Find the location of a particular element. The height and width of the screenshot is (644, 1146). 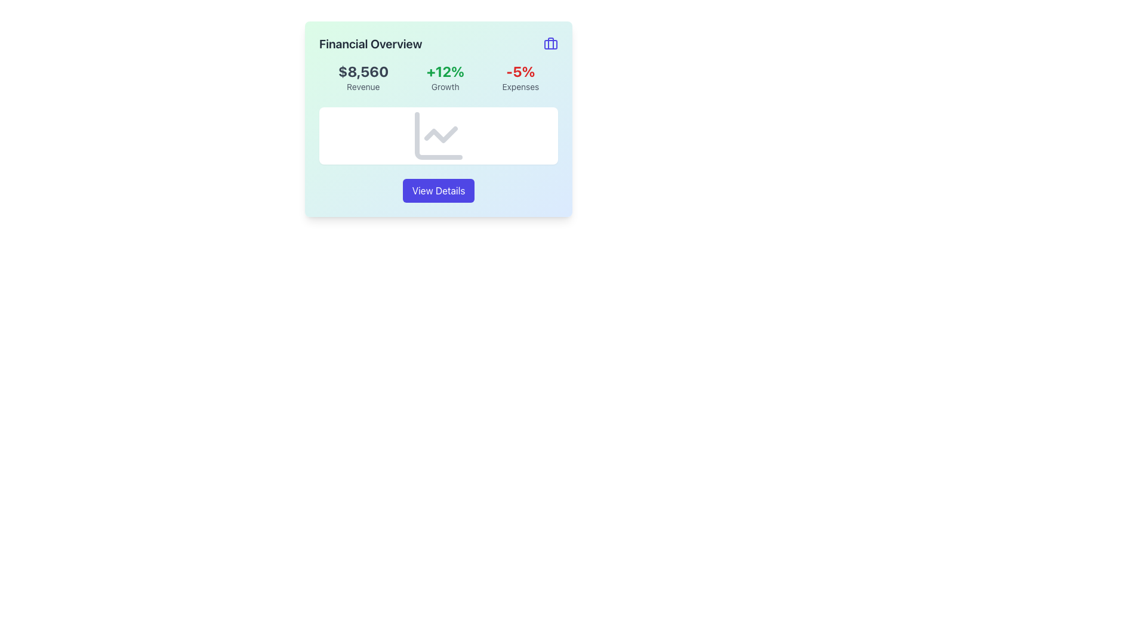

the Informational Text Block displaying the financial figure ($8,560) categorized under 'Revenue', located at the left side of the row in the 'Financial Overview' section is located at coordinates (362, 78).